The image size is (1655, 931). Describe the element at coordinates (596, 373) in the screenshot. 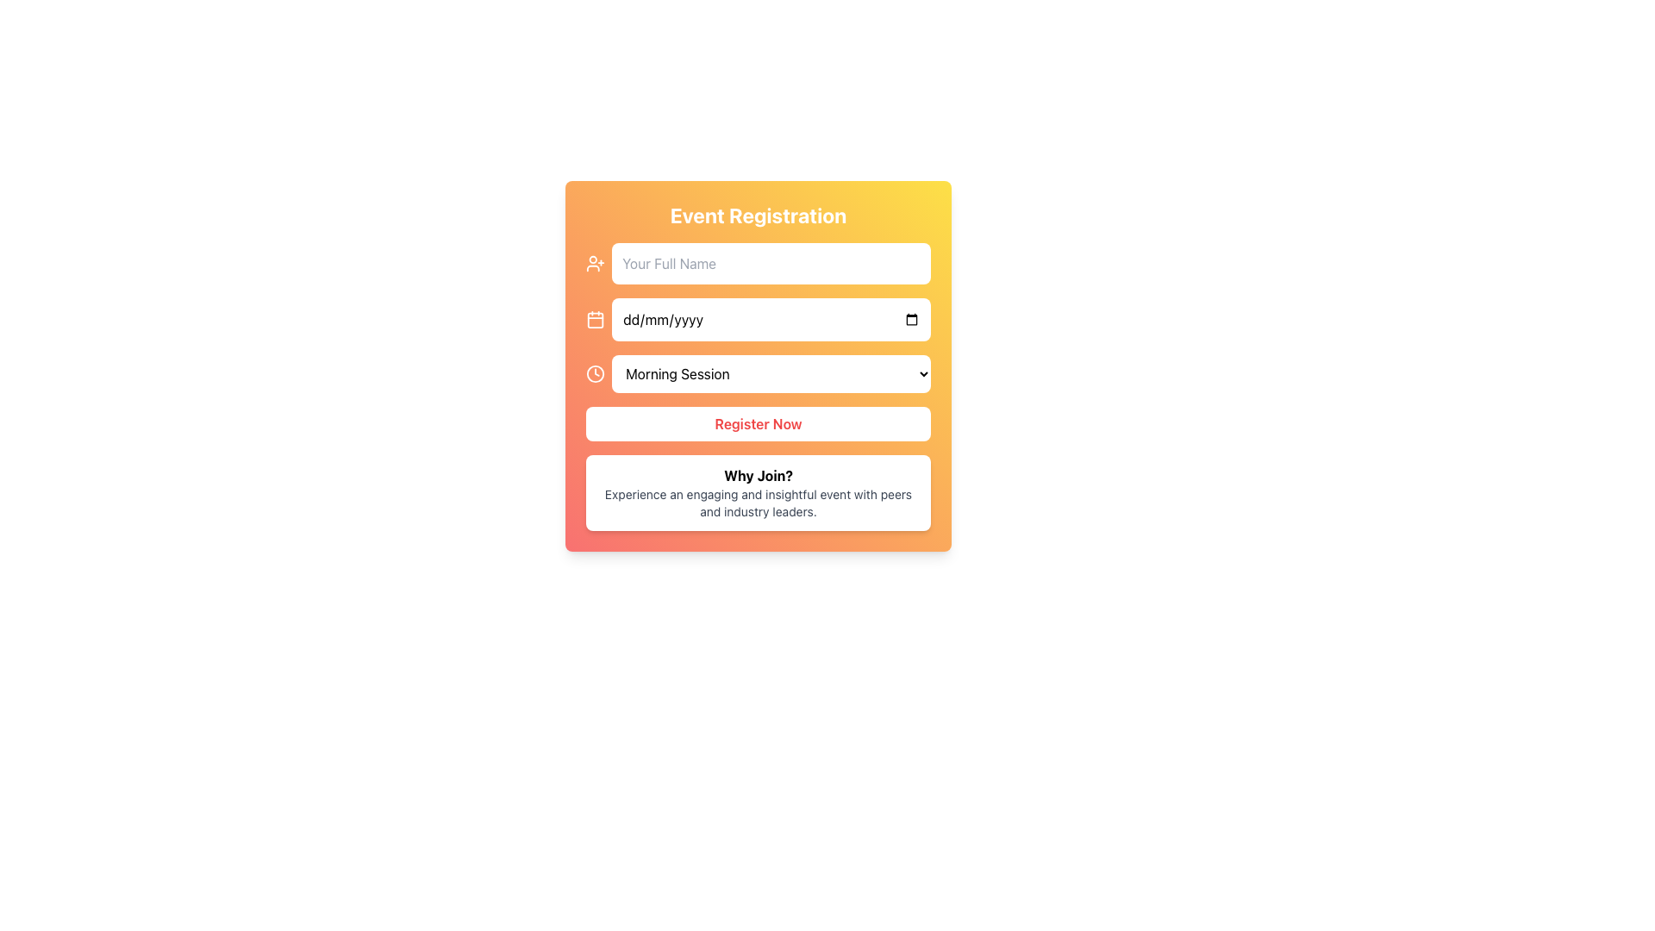

I see `the decorative circle within the clock-shaped icon, which is positioned to the left of the 'Morning Session' dropdown` at that location.